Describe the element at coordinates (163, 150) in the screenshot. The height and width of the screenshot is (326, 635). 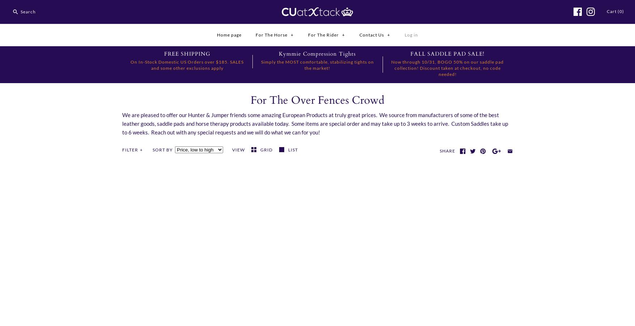
I see `'Sort by'` at that location.